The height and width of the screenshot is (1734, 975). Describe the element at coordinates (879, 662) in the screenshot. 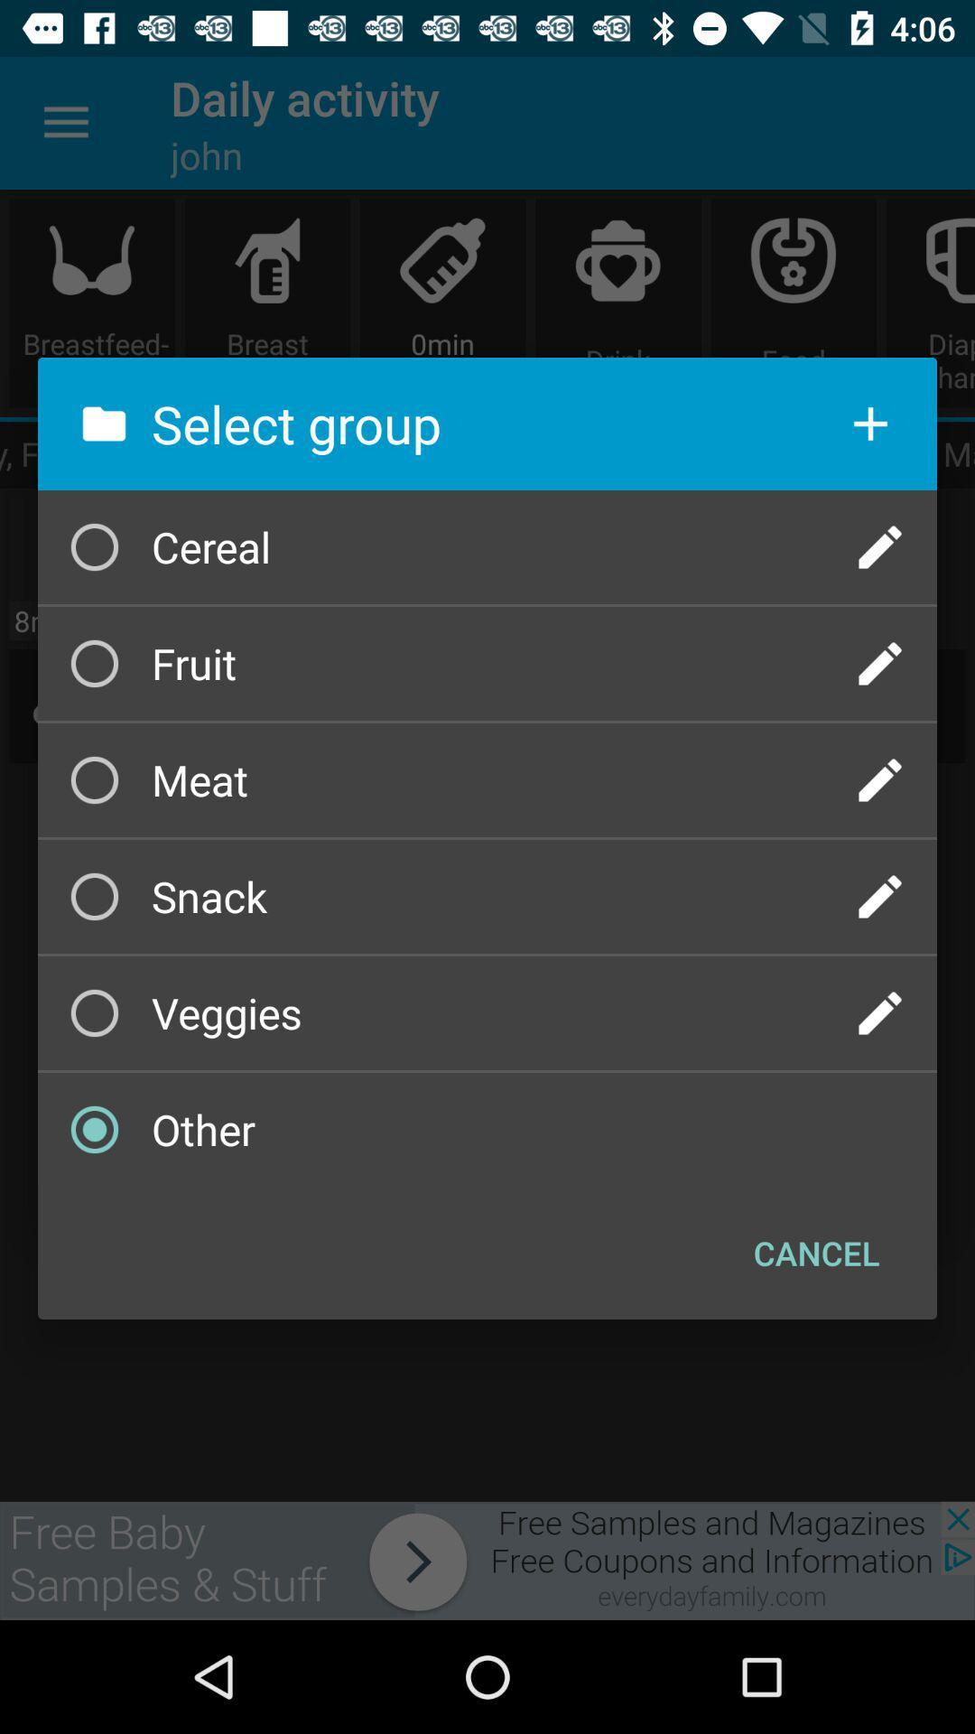

I see `edit group` at that location.